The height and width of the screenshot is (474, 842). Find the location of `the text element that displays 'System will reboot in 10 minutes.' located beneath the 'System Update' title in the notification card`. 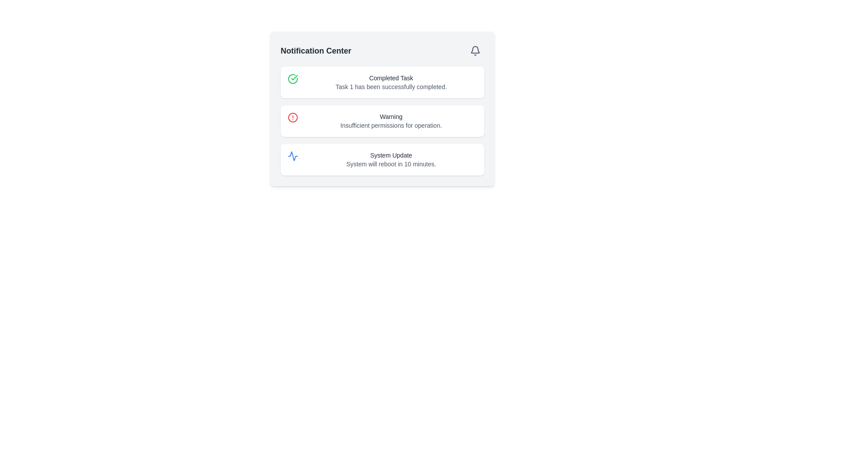

the text element that displays 'System will reboot in 10 minutes.' located beneath the 'System Update' title in the notification card is located at coordinates (391, 164).